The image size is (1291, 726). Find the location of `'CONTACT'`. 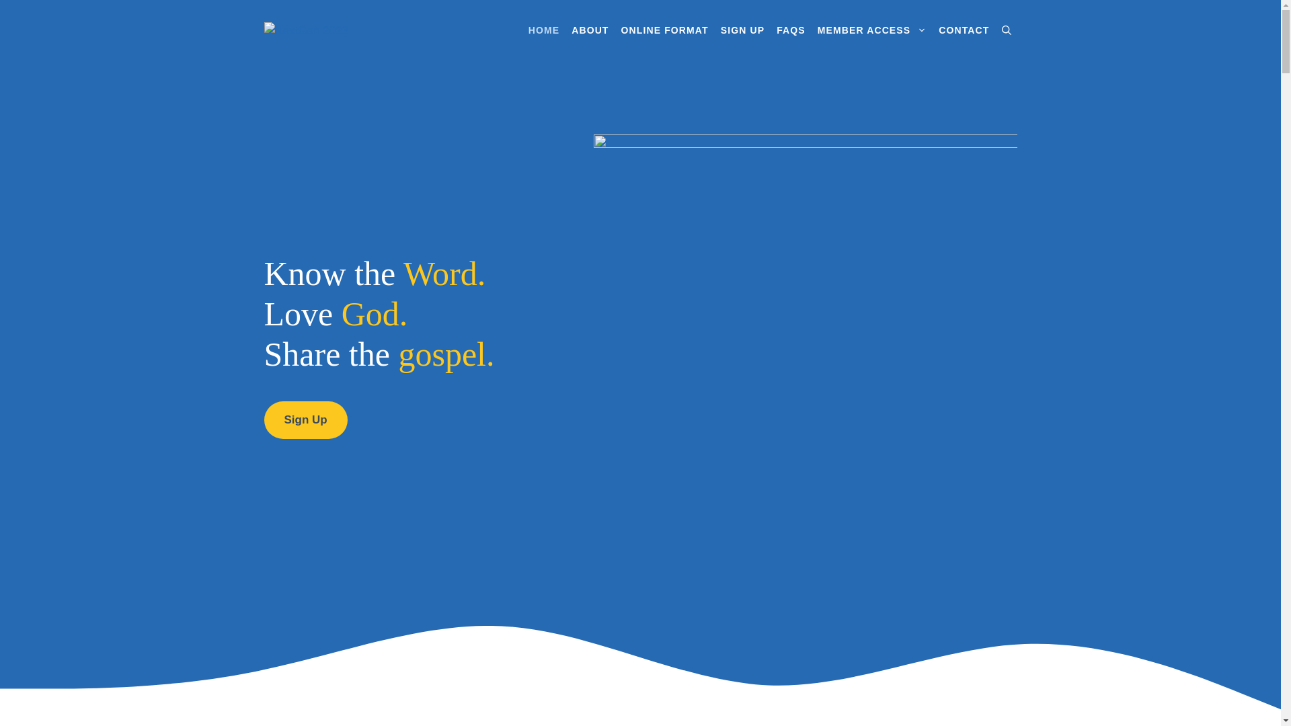

'CONTACT' is located at coordinates (963, 30).